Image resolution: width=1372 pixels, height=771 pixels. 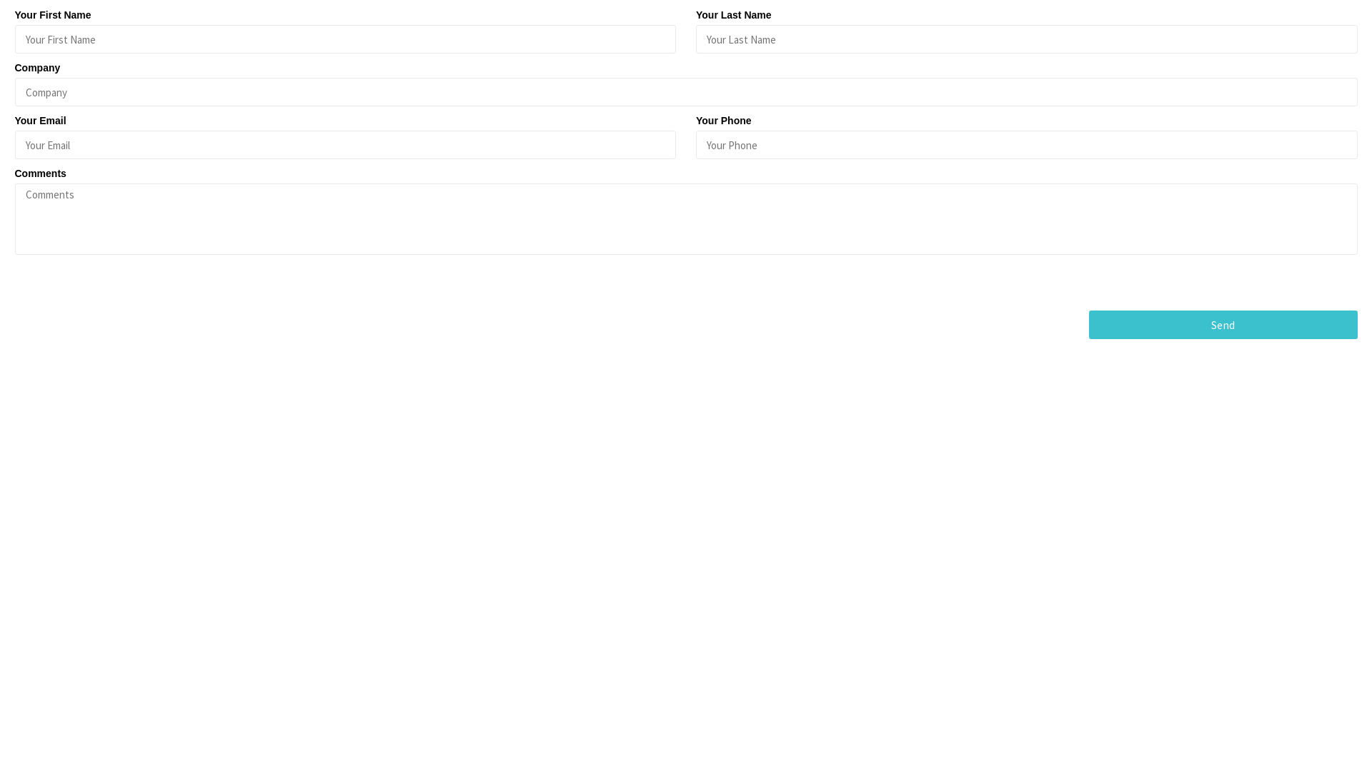 I want to click on 'Send', so click(x=1223, y=325).